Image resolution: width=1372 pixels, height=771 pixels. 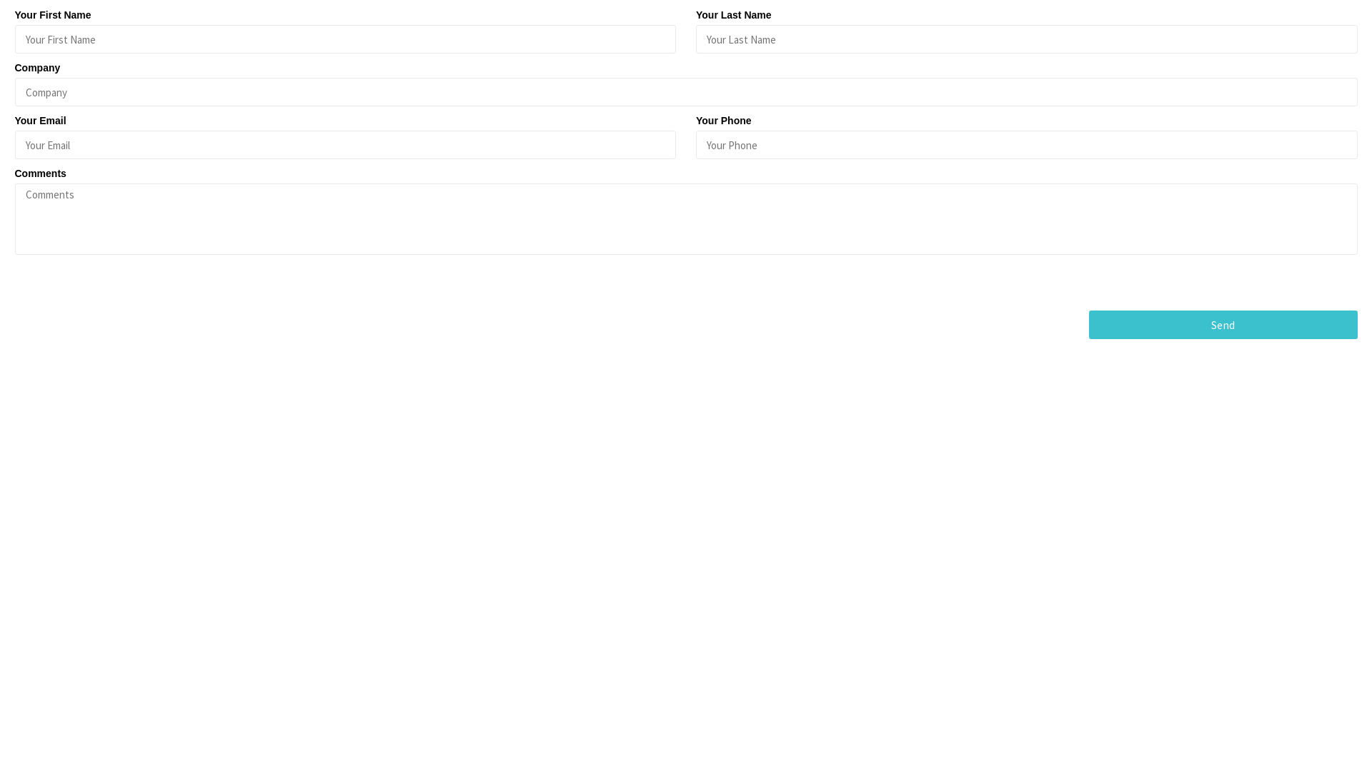 I want to click on 'Send', so click(x=1223, y=325).